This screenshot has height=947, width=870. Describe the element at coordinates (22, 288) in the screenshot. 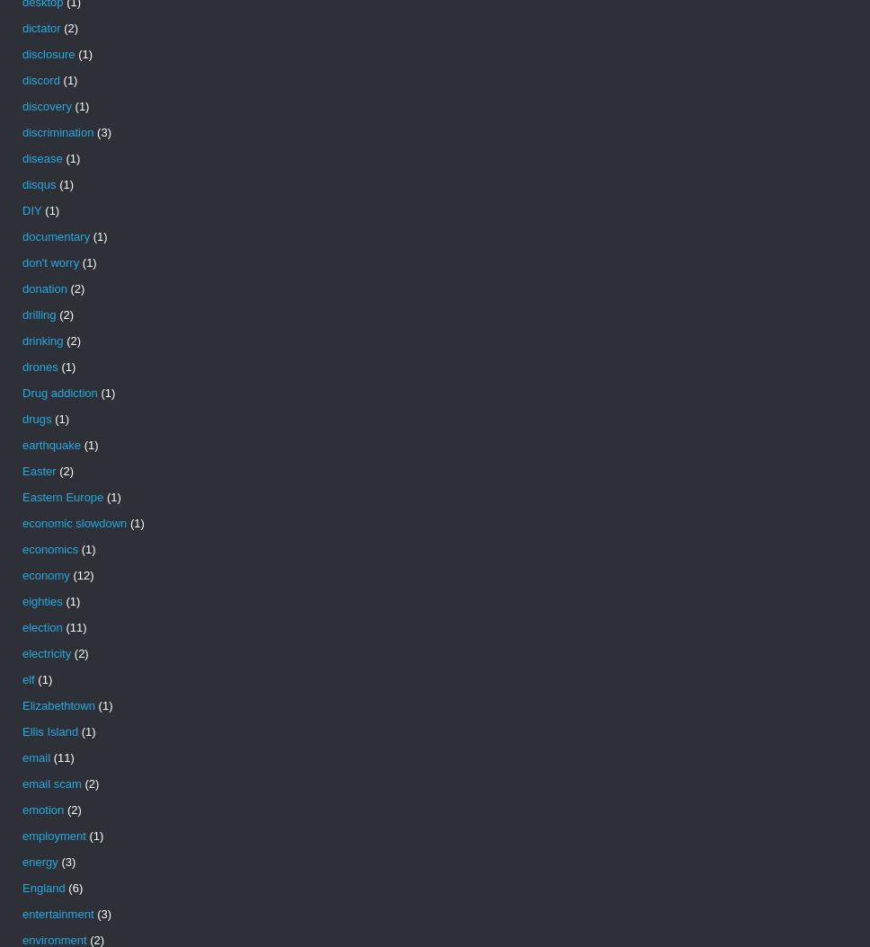

I see `'donation'` at that location.